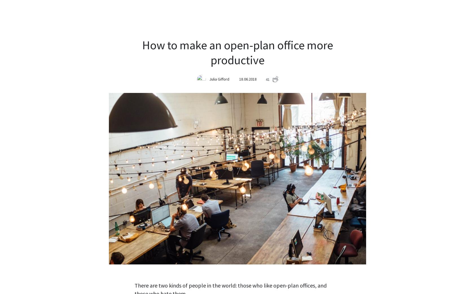 This screenshot has height=294, width=475. Describe the element at coordinates (237, 255) in the screenshot. I see `'Did you find this article useful? Give it a clap!'` at that location.